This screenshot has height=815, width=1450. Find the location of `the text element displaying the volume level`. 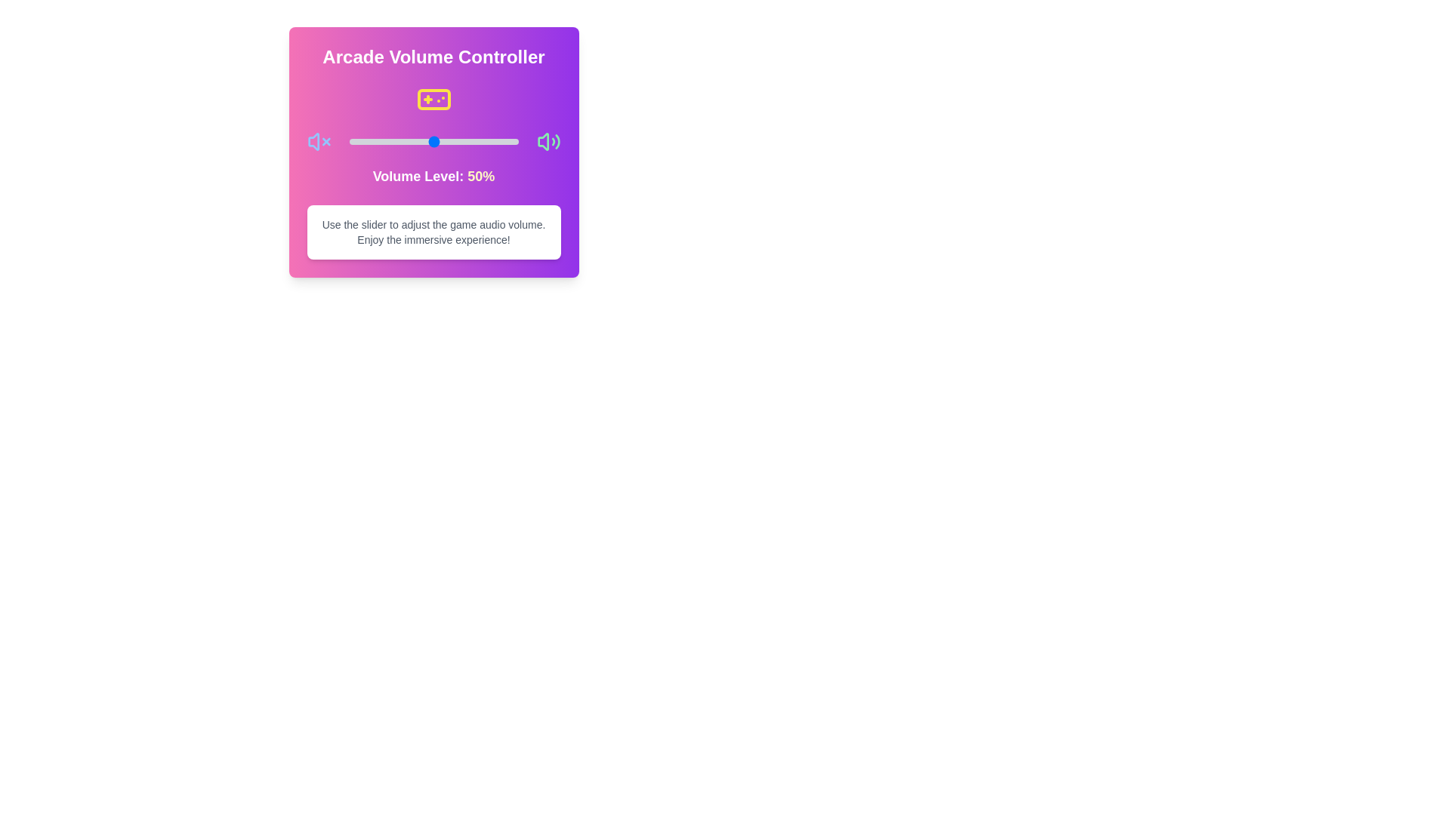

the text element displaying the volume level is located at coordinates (433, 176).